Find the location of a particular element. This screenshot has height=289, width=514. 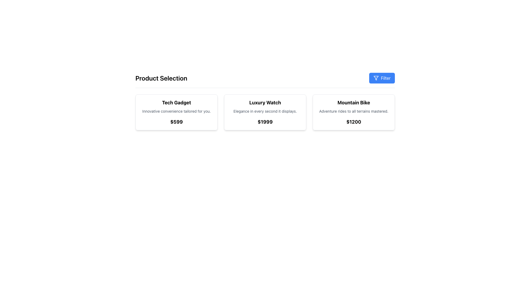

the display card for the 'Luxury Watch' product, which is the second card in a three-column grid layout is located at coordinates (265, 112).